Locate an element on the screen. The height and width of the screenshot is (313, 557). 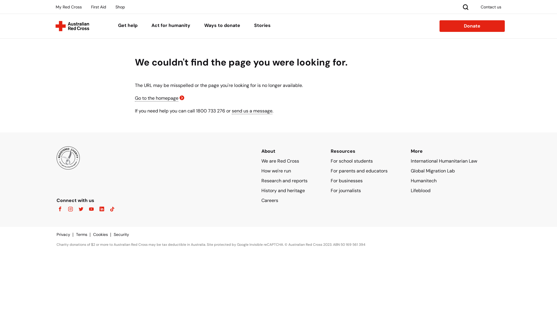
'youtube' is located at coordinates (89, 209).